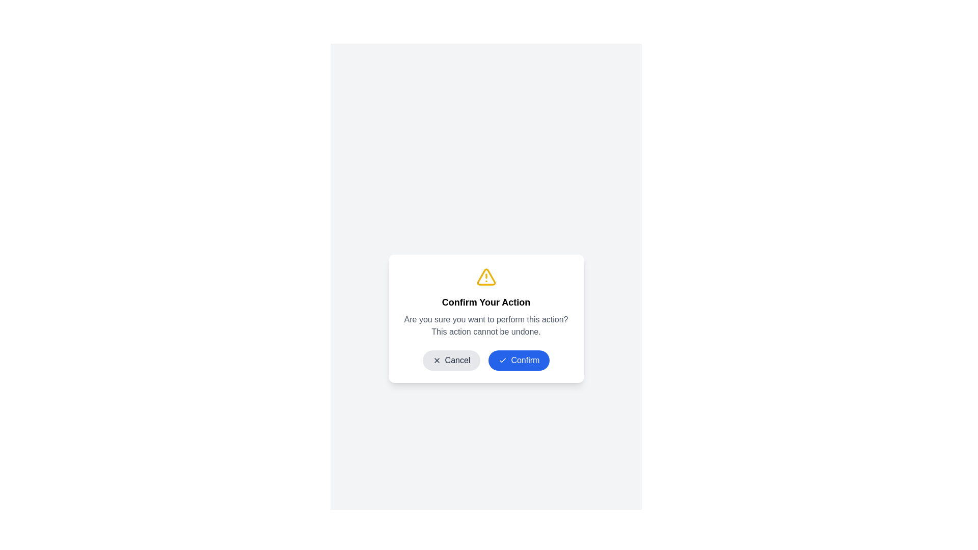 The width and height of the screenshot is (978, 550). What do you see at coordinates (519, 360) in the screenshot?
I see `the 'Confirm' button with rounded corners and a blue background, located in the bottom-right corner of the modal dialog box to confirm the action` at bounding box center [519, 360].